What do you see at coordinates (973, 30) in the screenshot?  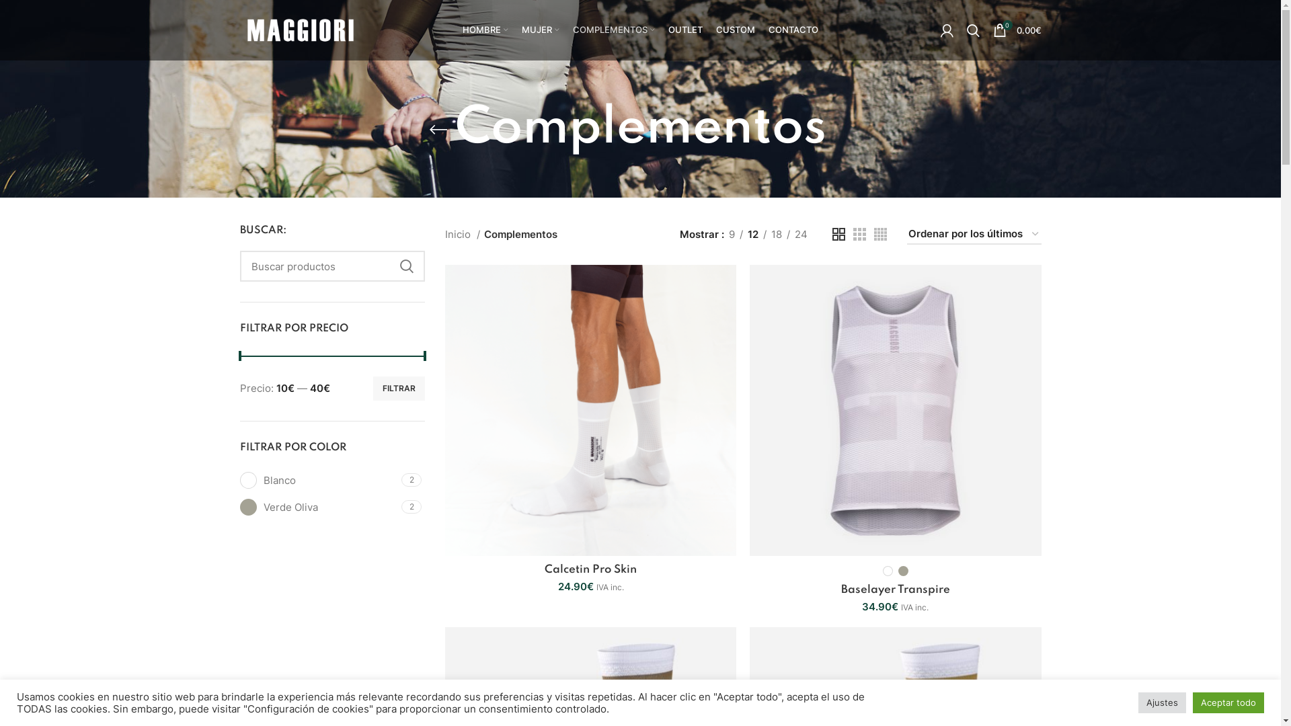 I see `'Search'` at bounding box center [973, 30].